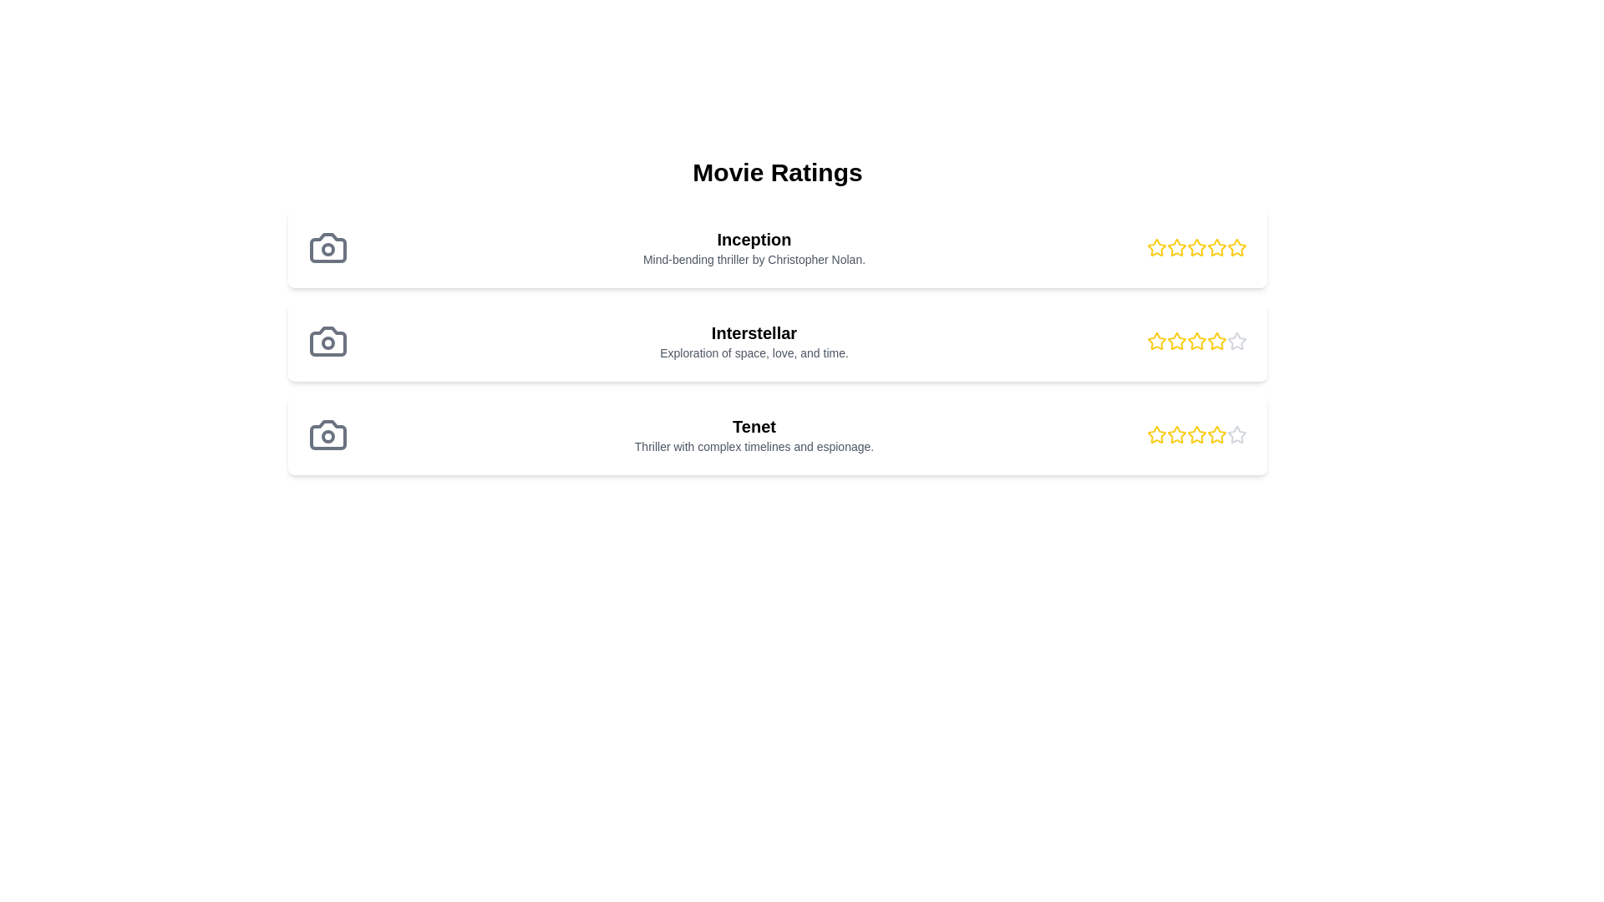  Describe the element at coordinates (753, 239) in the screenshot. I see `the movie details by clicking on the title text label for 'Inception', which is located at the top-left of the 'Movie Ratings' section and precedes the descriptive text about the movie` at that location.